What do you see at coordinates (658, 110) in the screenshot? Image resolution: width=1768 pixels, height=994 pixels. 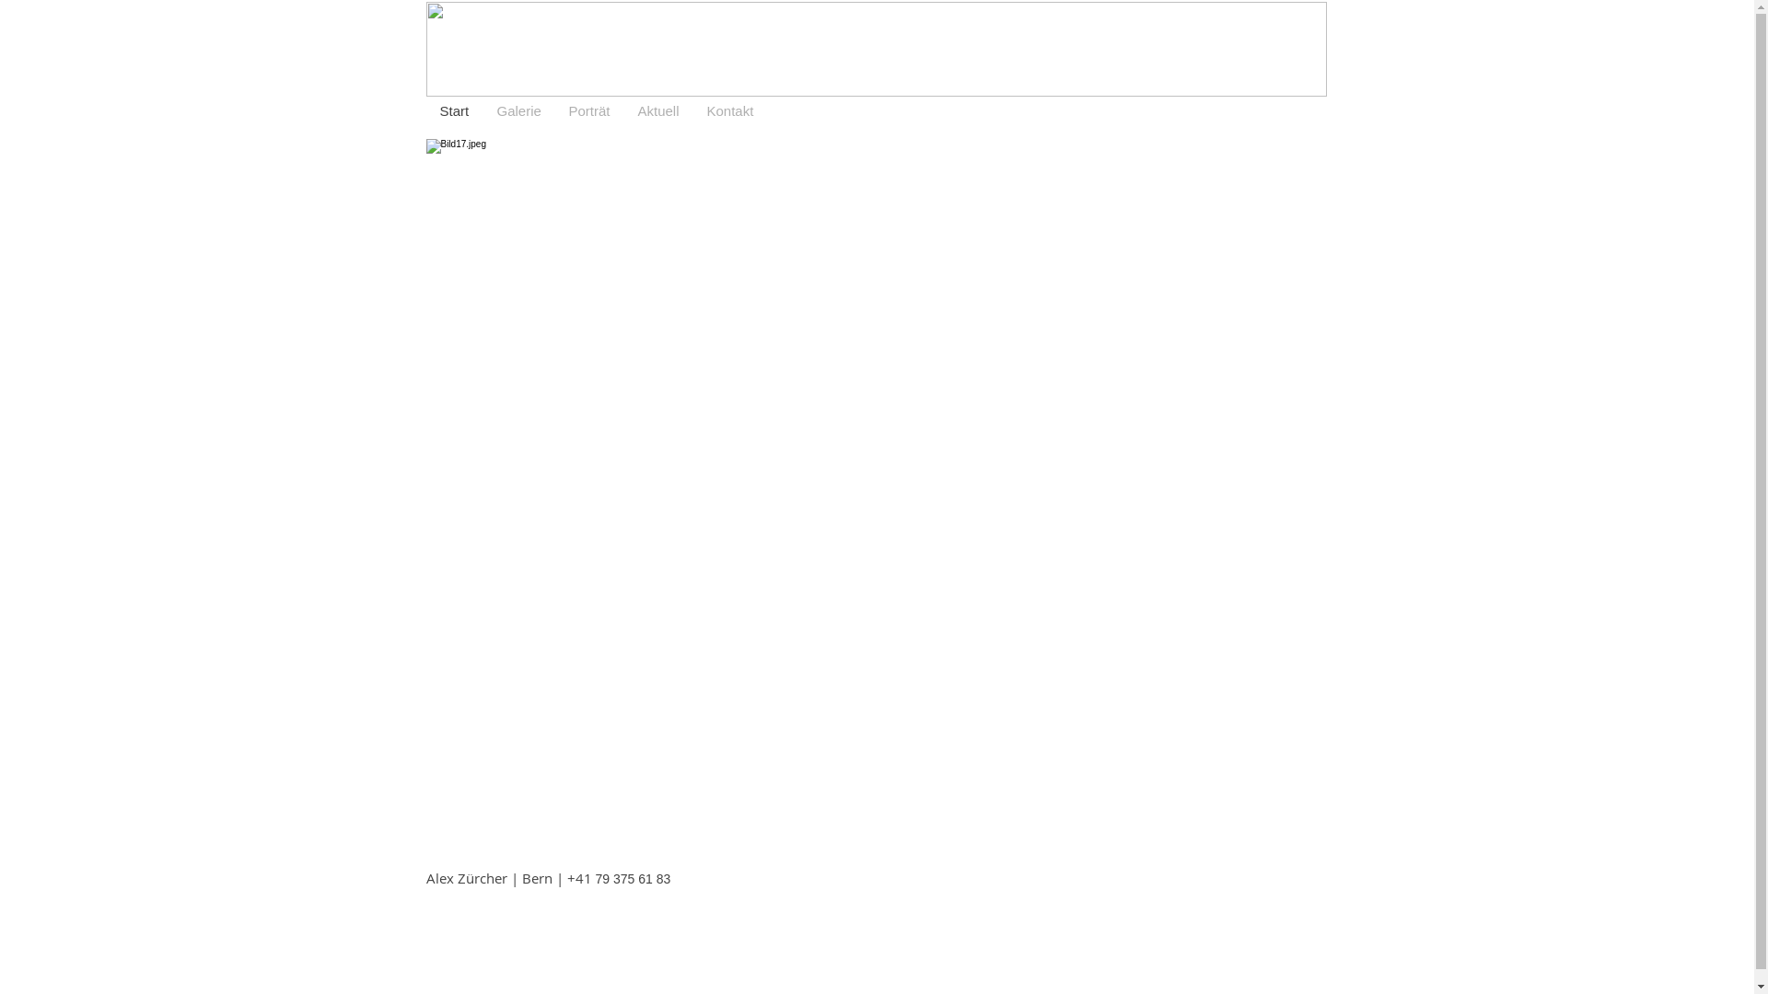 I see `'Aktuell'` at bounding box center [658, 110].